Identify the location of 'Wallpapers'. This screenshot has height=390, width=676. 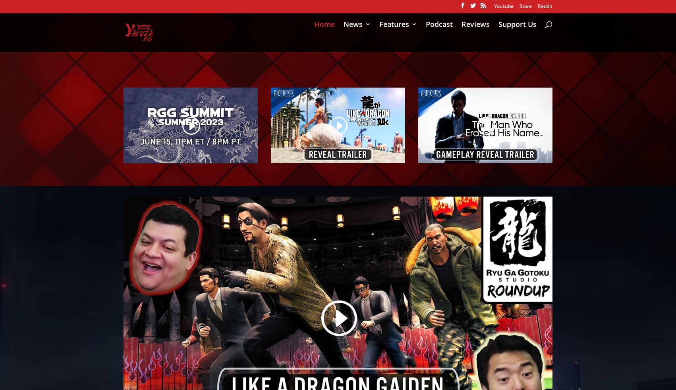
(413, 180).